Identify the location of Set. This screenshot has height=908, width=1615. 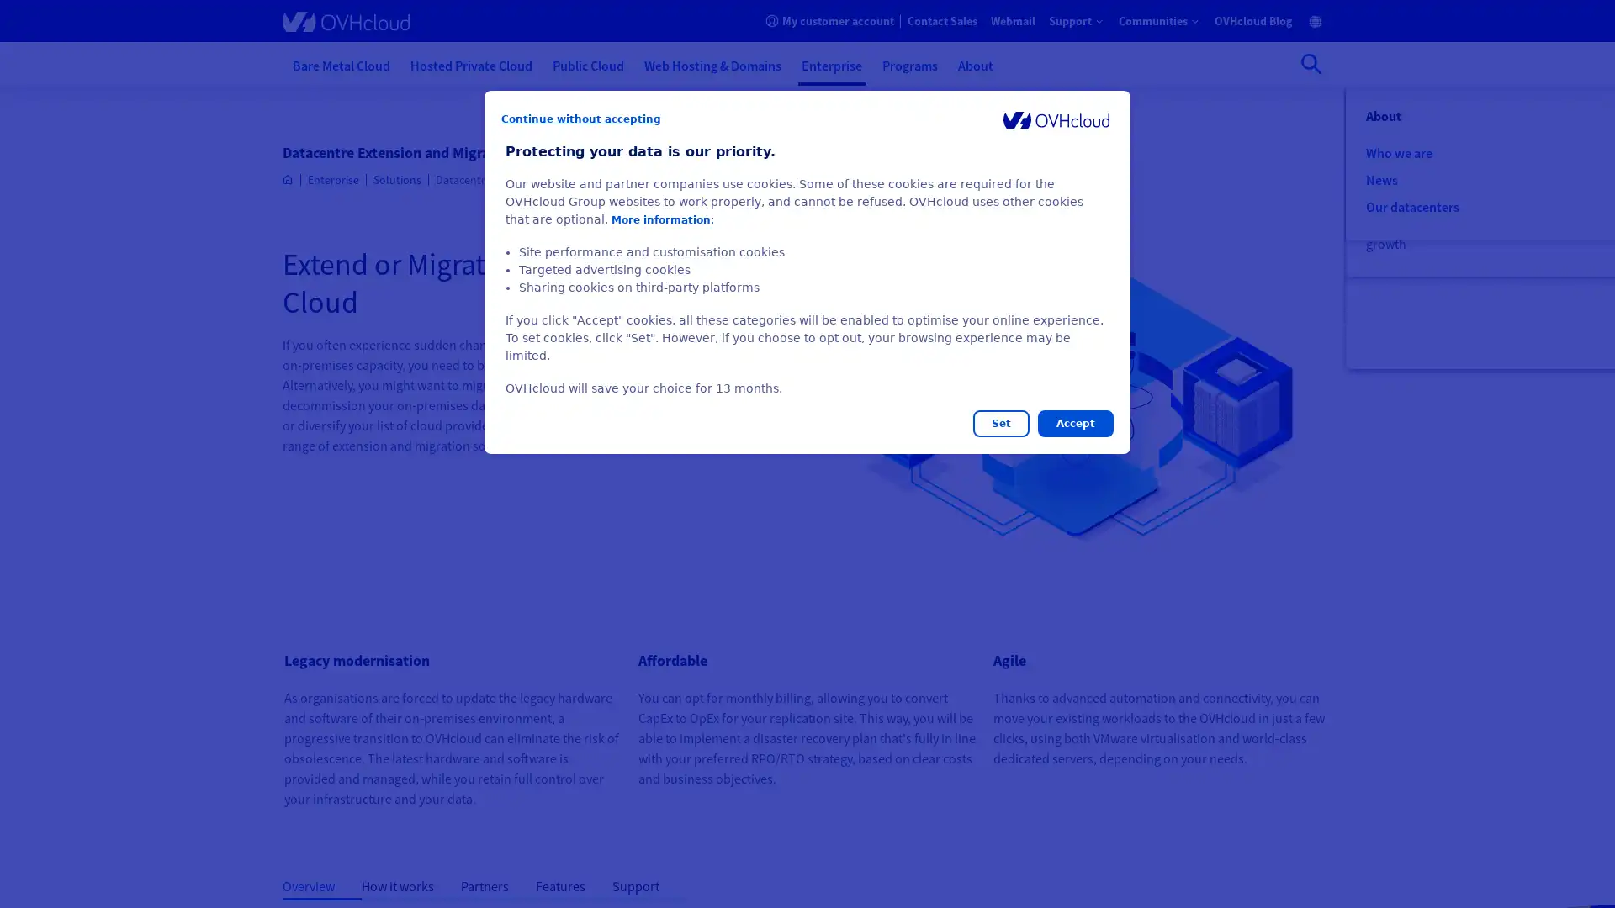
(1001, 423).